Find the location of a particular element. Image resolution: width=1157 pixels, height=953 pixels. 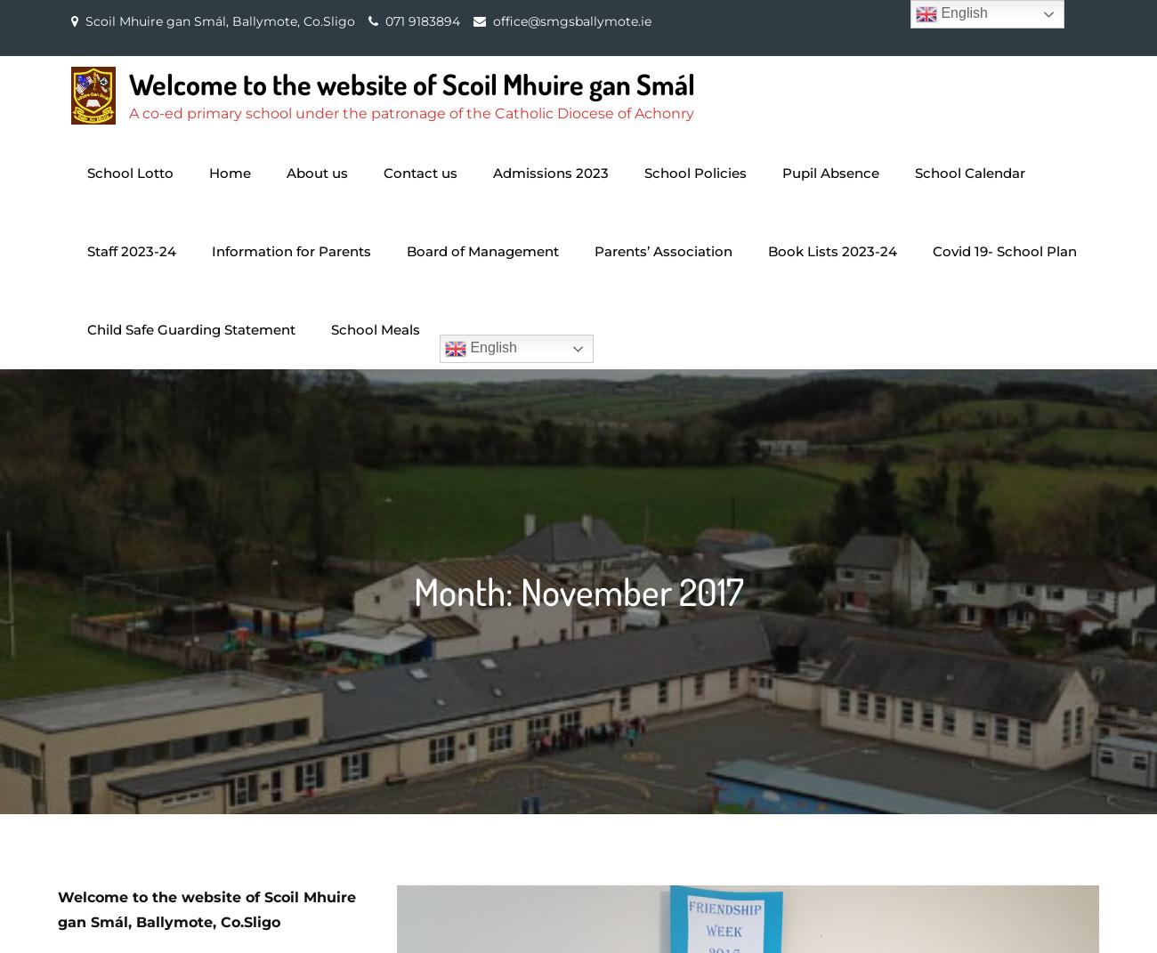

'Home' is located at coordinates (229, 172).